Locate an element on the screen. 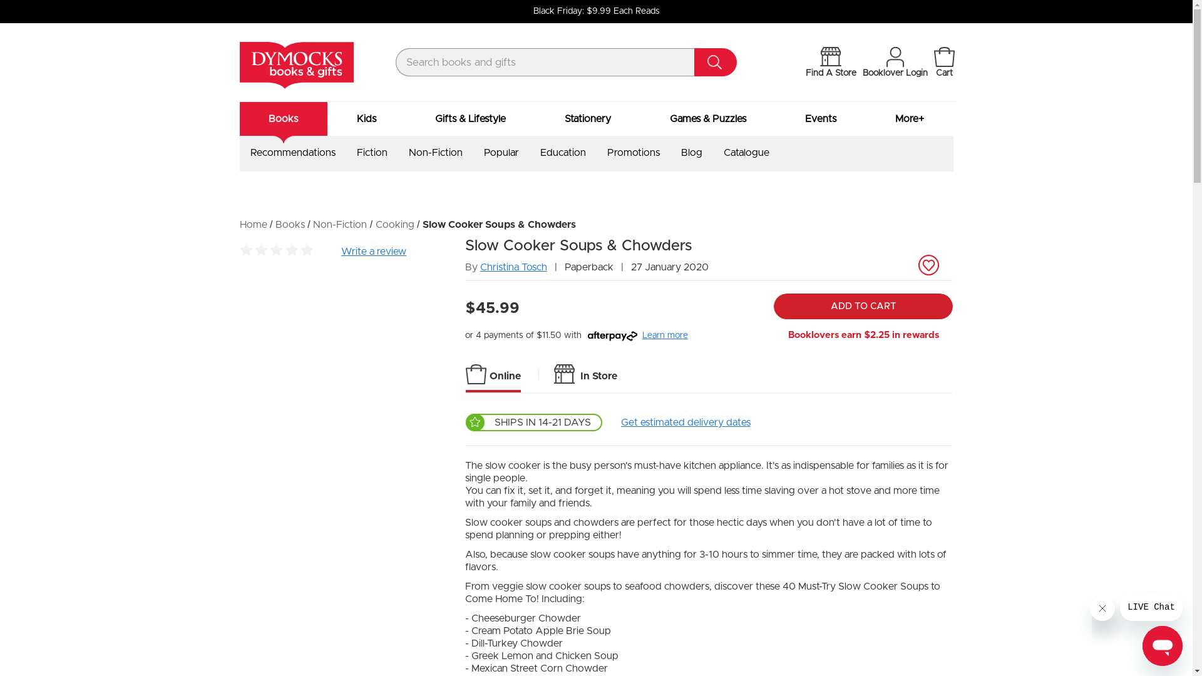 The width and height of the screenshot is (1202, 676). 'Catalogue' is located at coordinates (746, 151).